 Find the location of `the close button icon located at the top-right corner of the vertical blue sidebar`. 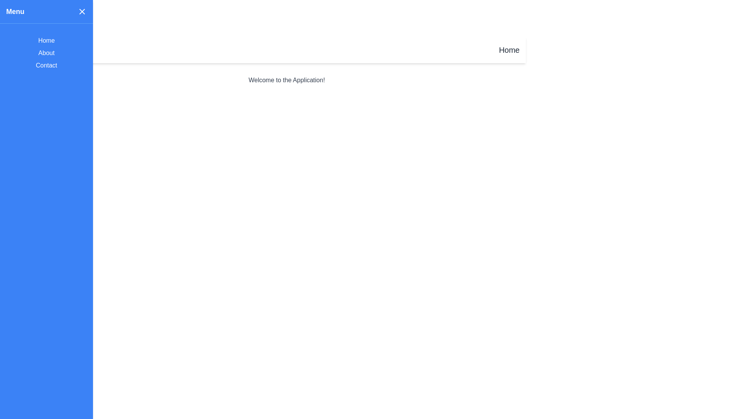

the close button icon located at the top-right corner of the vertical blue sidebar is located at coordinates (82, 12).